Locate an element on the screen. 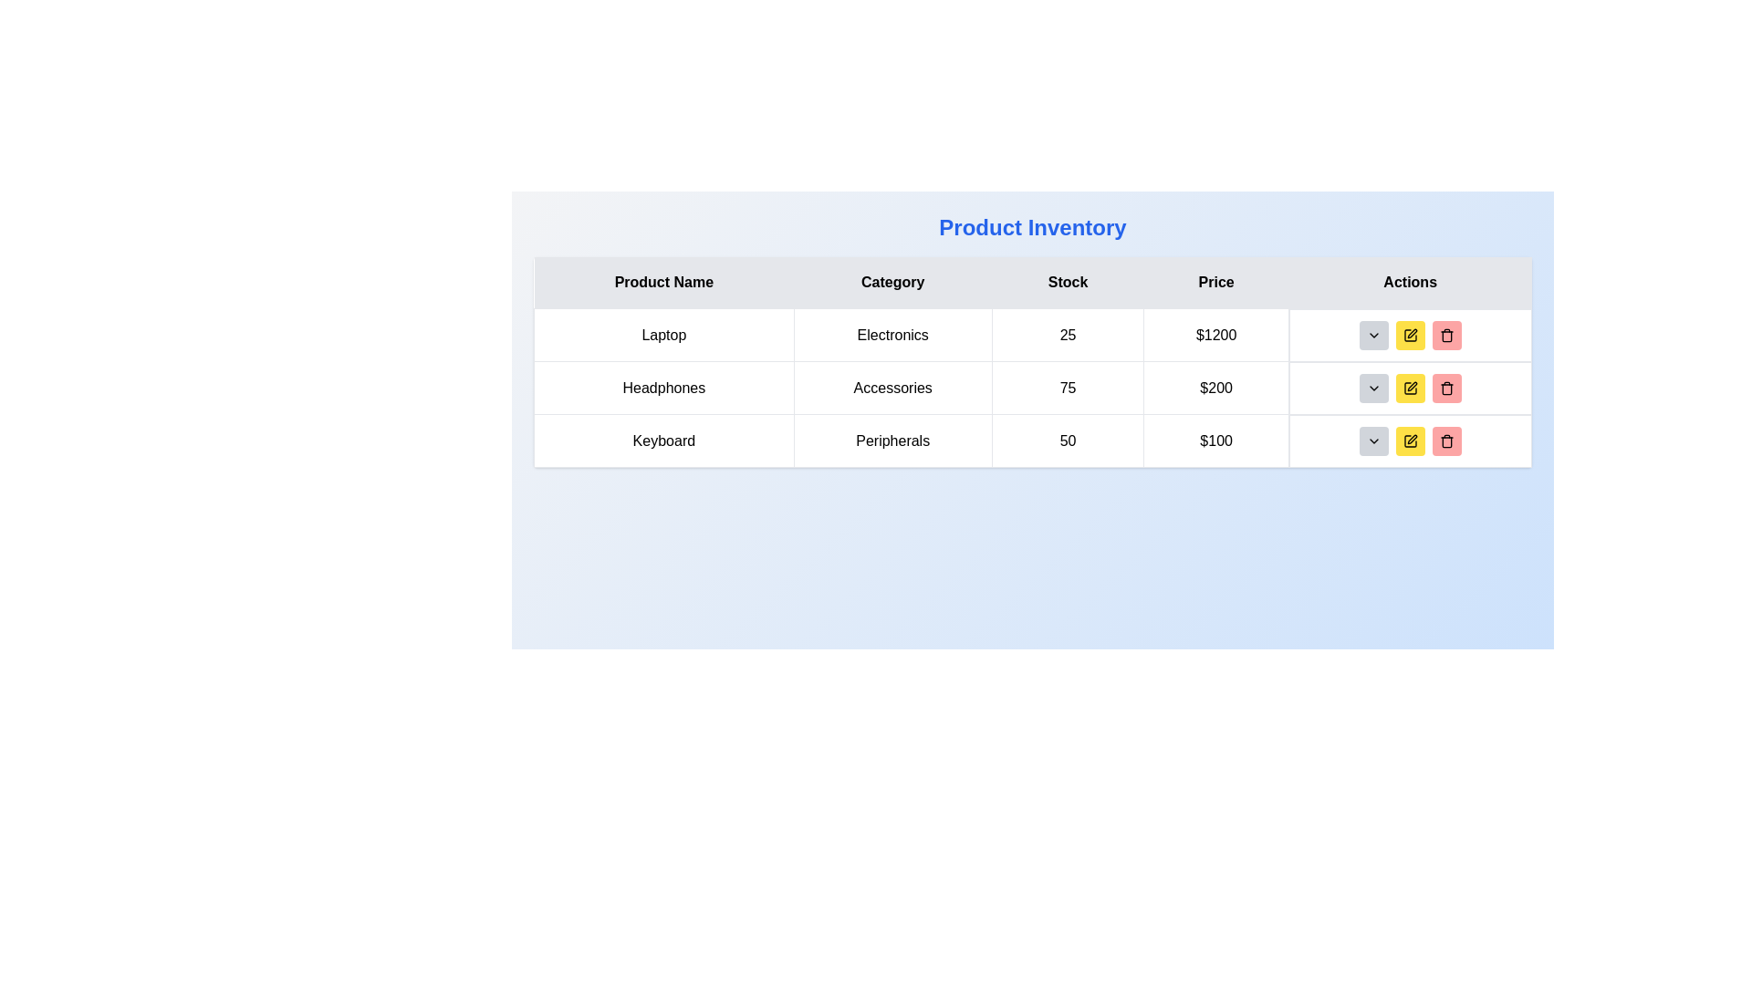 This screenshot has width=1752, height=985. the Dropdown trigger button located in the 'Actions' column of the last row within the 'Product Inventory' table is located at coordinates (1373, 441).